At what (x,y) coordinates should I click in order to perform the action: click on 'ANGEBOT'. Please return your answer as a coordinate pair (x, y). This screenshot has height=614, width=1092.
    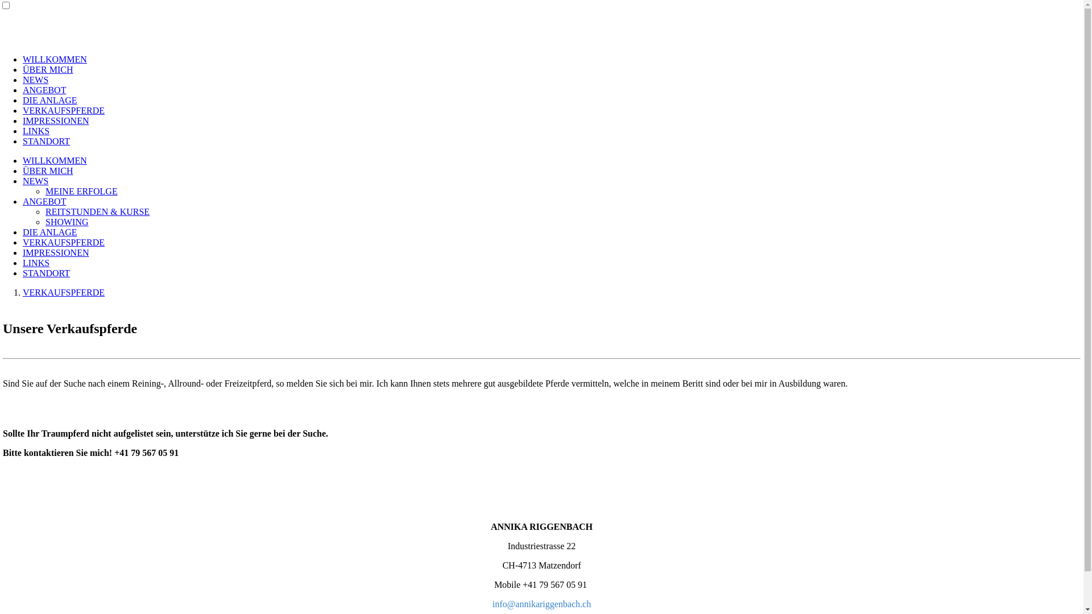
    Looking at the image, I should click on (22, 89).